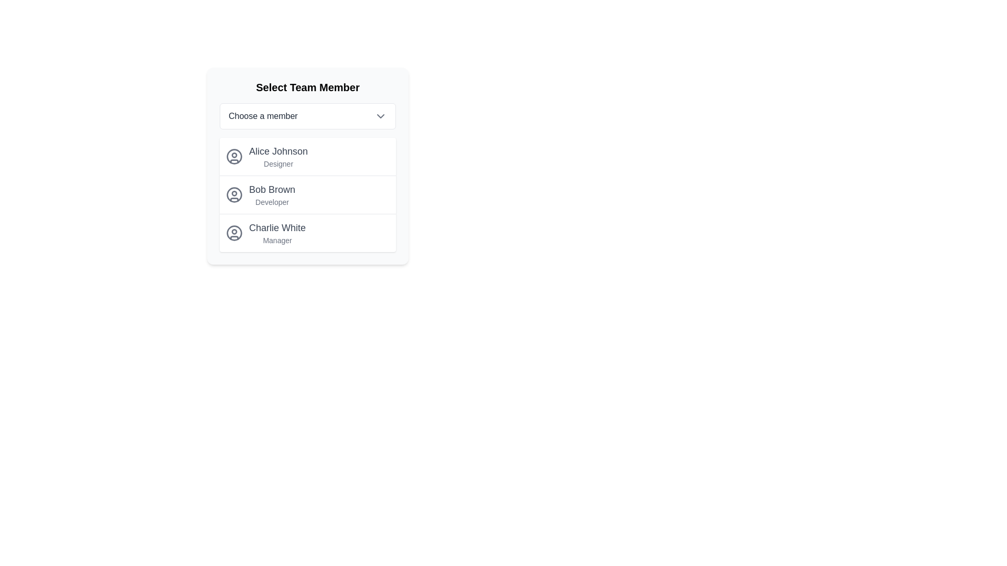  What do you see at coordinates (277, 232) in the screenshot?
I see `the third entry in the member selection interface, which combines a name and title for identifying team members, located under the heading 'Select Team Member.'` at bounding box center [277, 232].